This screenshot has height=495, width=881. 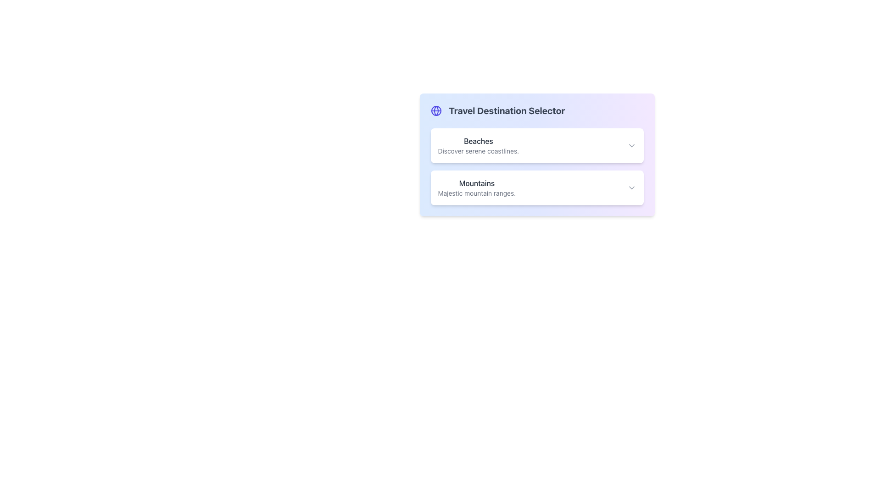 What do you see at coordinates (631, 145) in the screenshot?
I see `the chevron icon on the right side of the 'Beaches' list item` at bounding box center [631, 145].